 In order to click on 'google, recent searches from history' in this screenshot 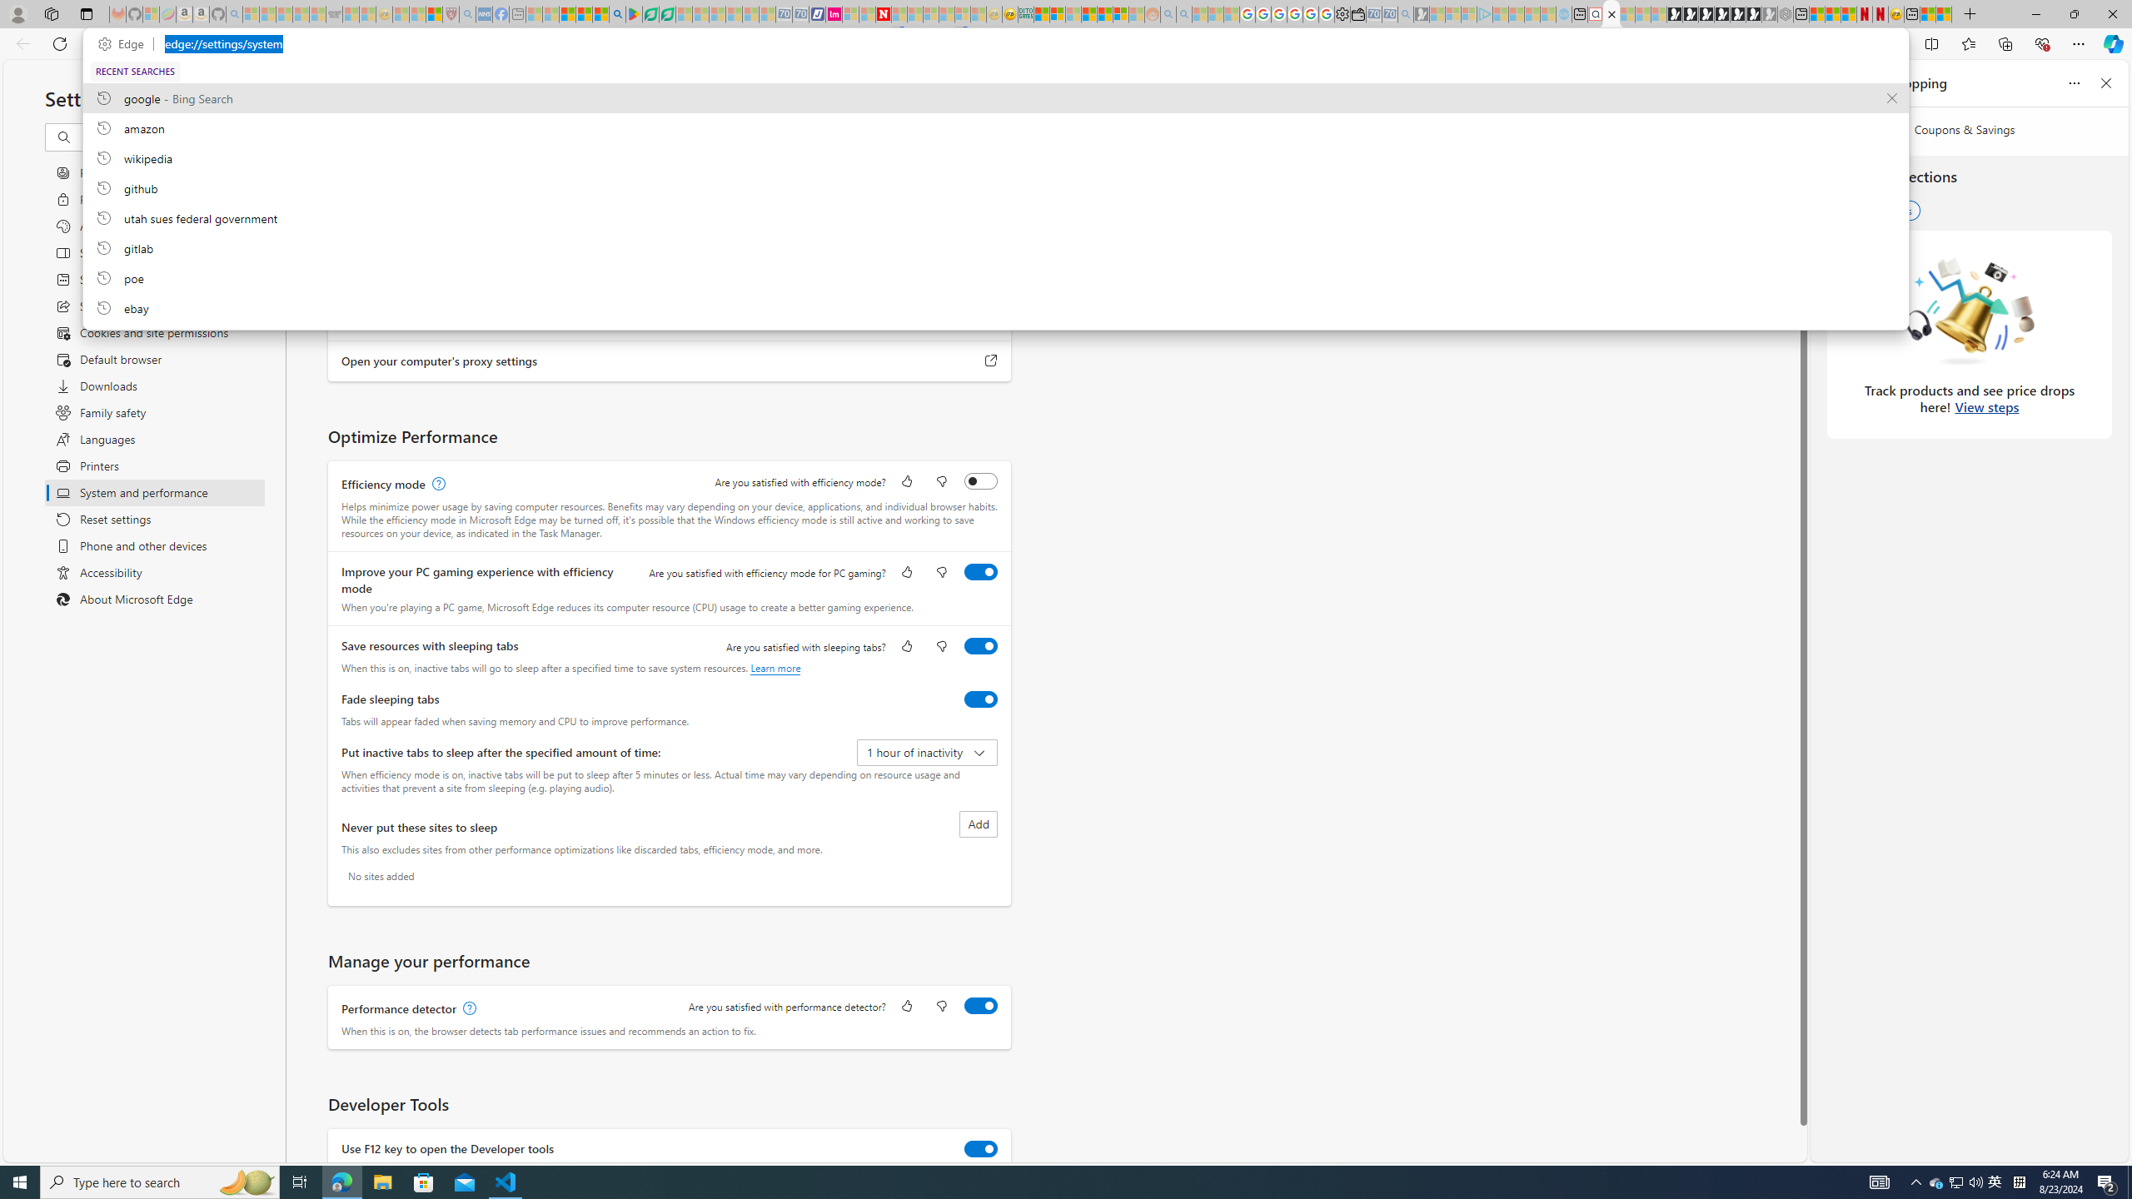, I will do `click(994, 97)`.